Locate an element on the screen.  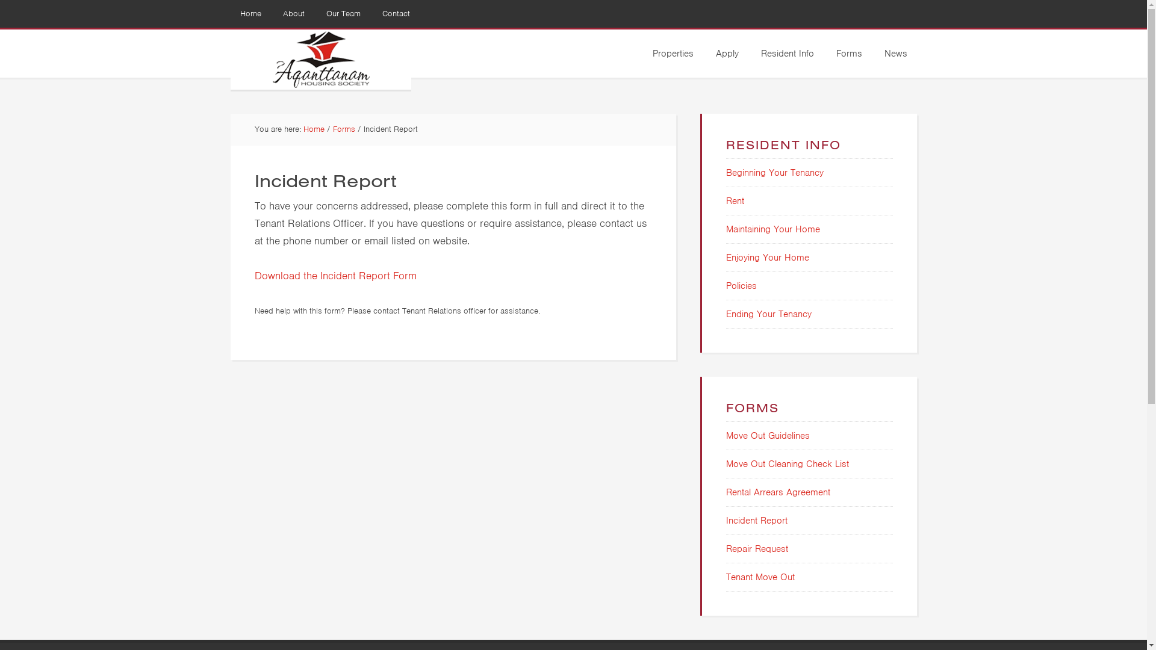
'Forms' is located at coordinates (343, 129).